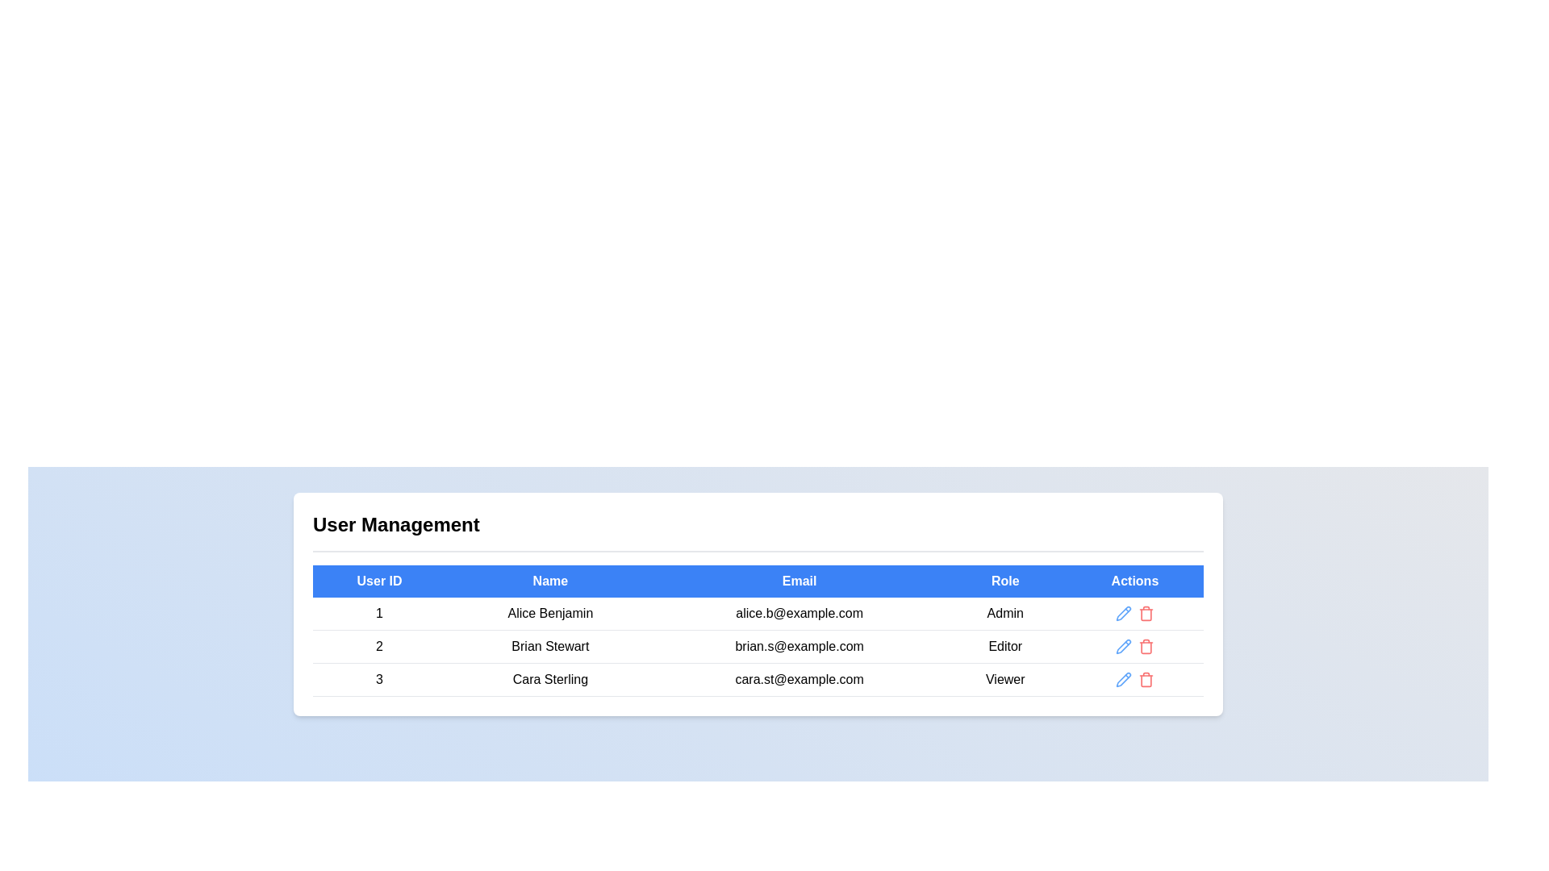 This screenshot has width=1549, height=871. Describe the element at coordinates (1122, 646) in the screenshot. I see `the edit icon (a pen or pencil) in the Actions column for user Brian Stewart to initiate editing` at that location.